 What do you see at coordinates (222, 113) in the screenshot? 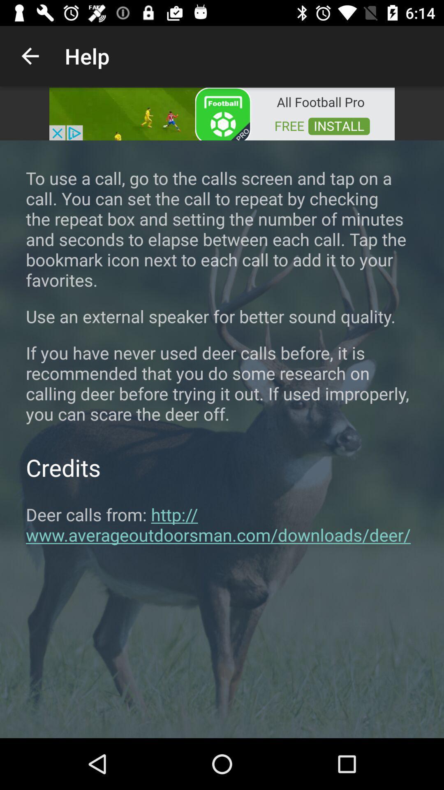
I see `click on the advertisement` at bounding box center [222, 113].